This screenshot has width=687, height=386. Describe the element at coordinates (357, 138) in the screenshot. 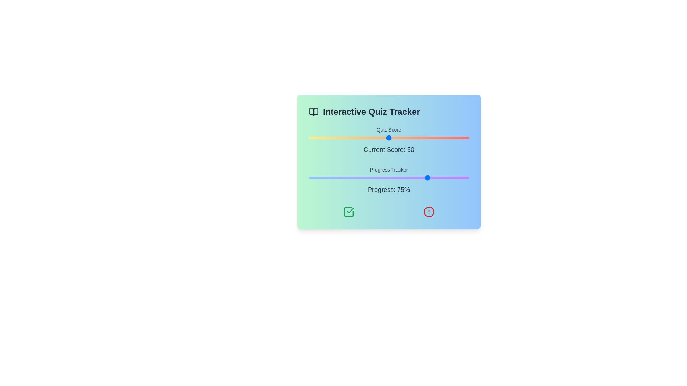

I see `the quiz score slider to set the score to 30` at that location.